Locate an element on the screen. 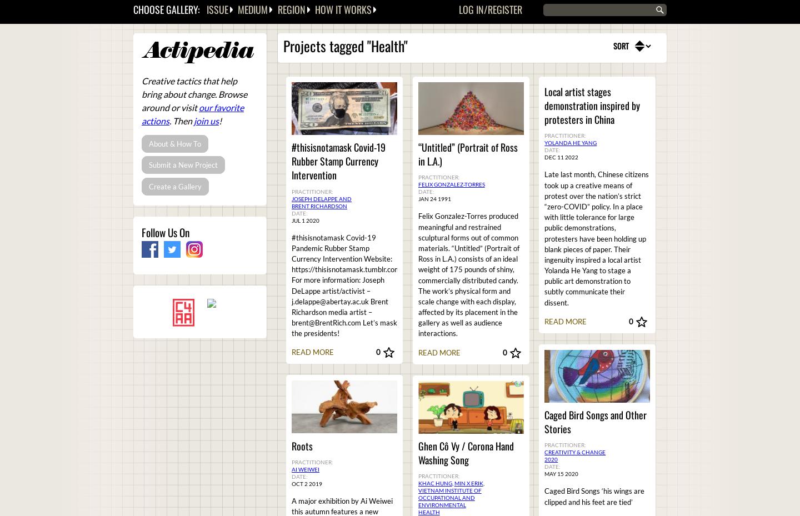 This screenshot has width=800, height=516. '#thisisnotamask Covid-19 Rubber Stamp Currency Intervention' is located at coordinates (291, 161).